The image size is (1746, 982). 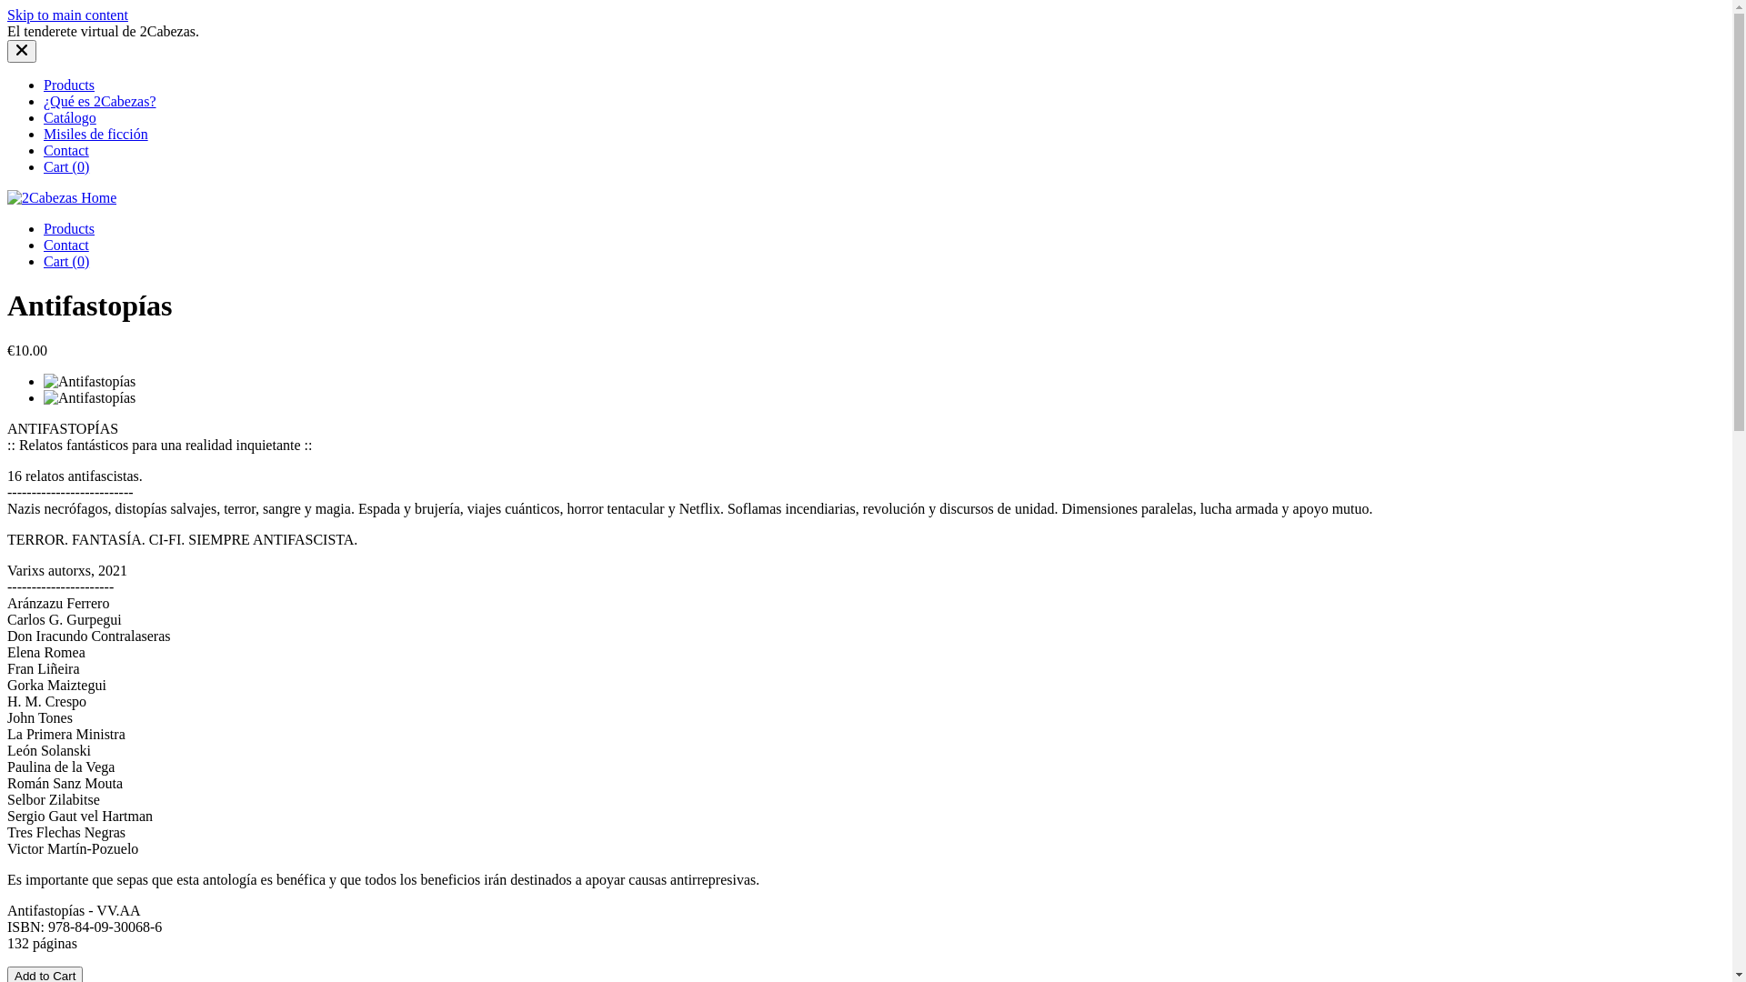 What do you see at coordinates (22, 50) in the screenshot?
I see `'Close announcement message'` at bounding box center [22, 50].